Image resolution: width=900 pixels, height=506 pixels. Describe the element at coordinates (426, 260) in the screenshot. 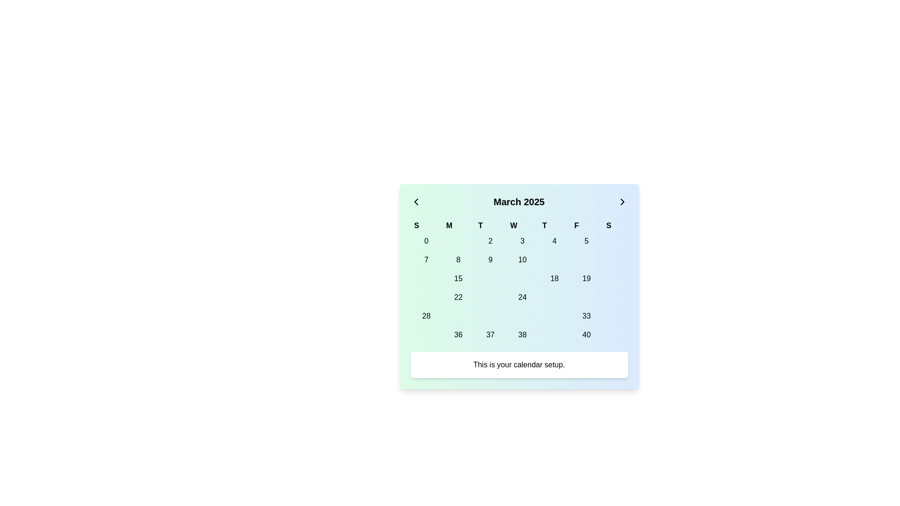

I see `the text label displaying the character '7' in bold black font, located in the light green square cell in the second row and first column of the calendar grid` at that location.